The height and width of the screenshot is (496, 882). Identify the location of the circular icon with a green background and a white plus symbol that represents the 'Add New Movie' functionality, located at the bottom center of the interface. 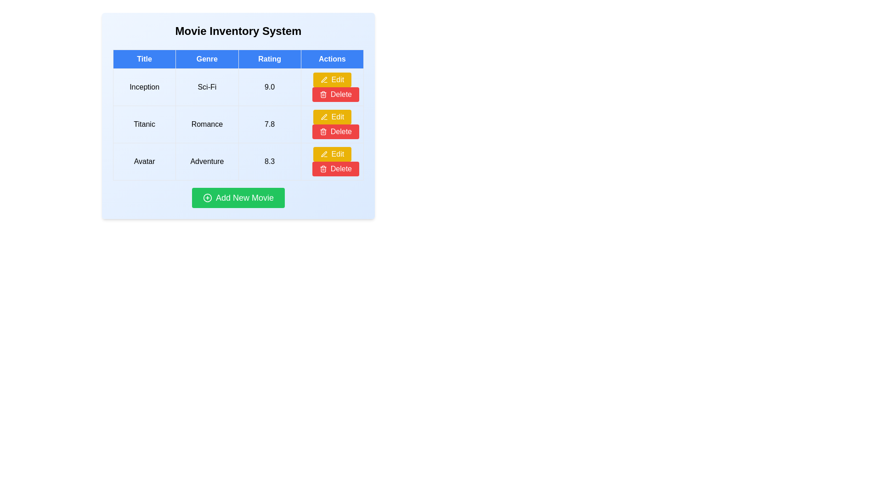
(207, 197).